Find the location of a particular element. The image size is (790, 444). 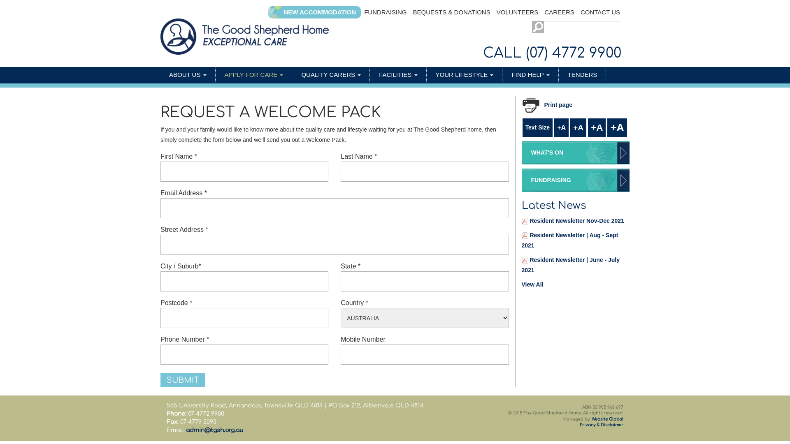

'+A' is located at coordinates (578, 127).